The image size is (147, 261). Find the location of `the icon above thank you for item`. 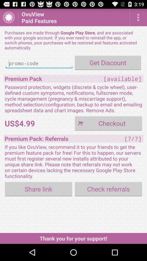

the icon above thank you for item is located at coordinates (108, 189).